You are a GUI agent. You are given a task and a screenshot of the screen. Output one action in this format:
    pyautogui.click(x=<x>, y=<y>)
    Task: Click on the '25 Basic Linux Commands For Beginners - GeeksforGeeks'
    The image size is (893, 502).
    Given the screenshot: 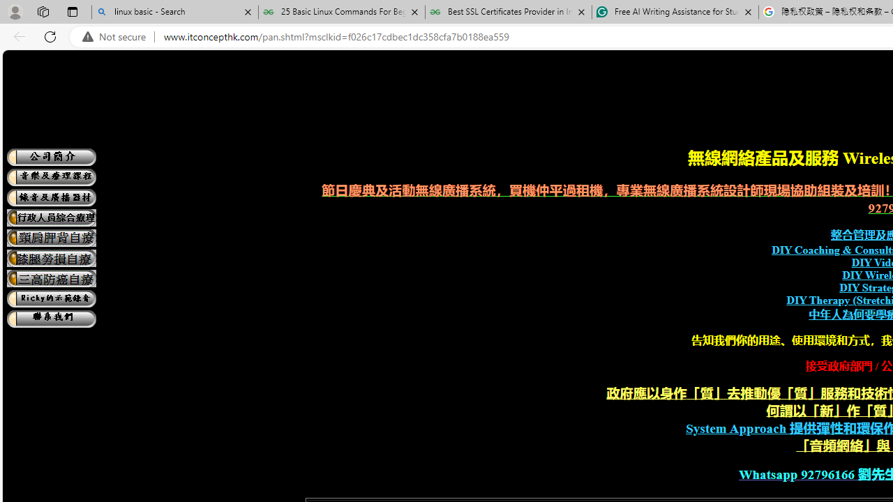 What is the action you would take?
    pyautogui.click(x=342, y=12)
    